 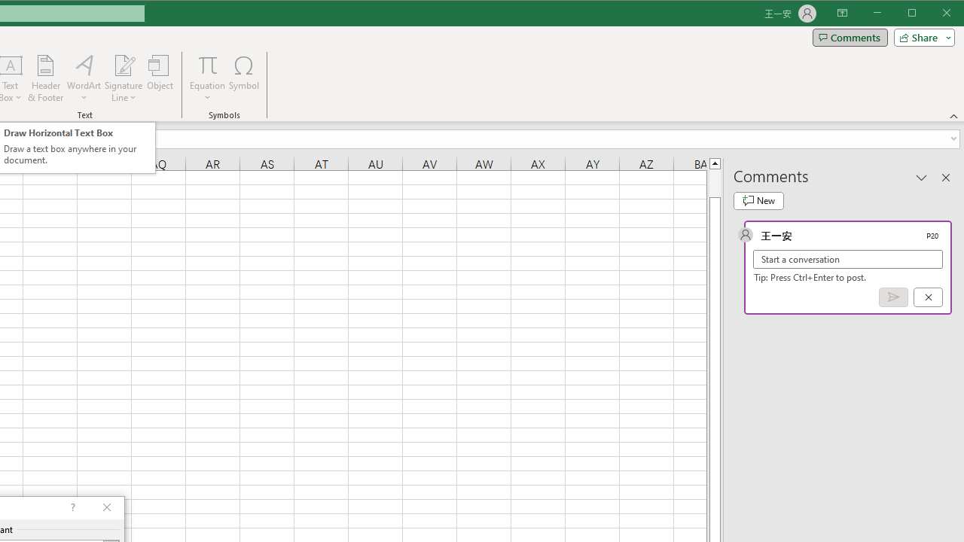 What do you see at coordinates (244, 78) in the screenshot?
I see `'Symbol...'` at bounding box center [244, 78].